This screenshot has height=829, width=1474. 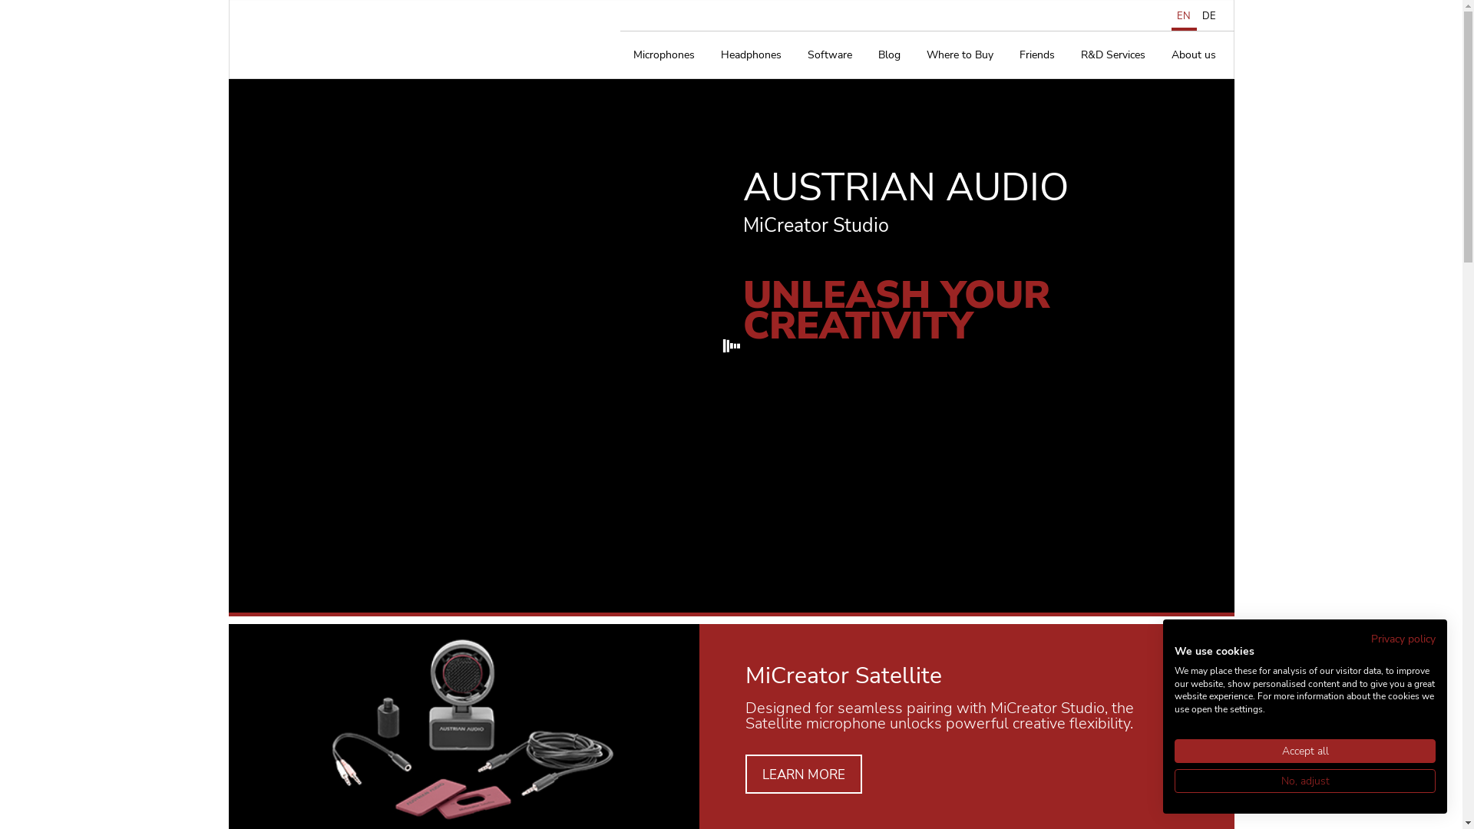 What do you see at coordinates (1112, 54) in the screenshot?
I see `'R&D Services'` at bounding box center [1112, 54].